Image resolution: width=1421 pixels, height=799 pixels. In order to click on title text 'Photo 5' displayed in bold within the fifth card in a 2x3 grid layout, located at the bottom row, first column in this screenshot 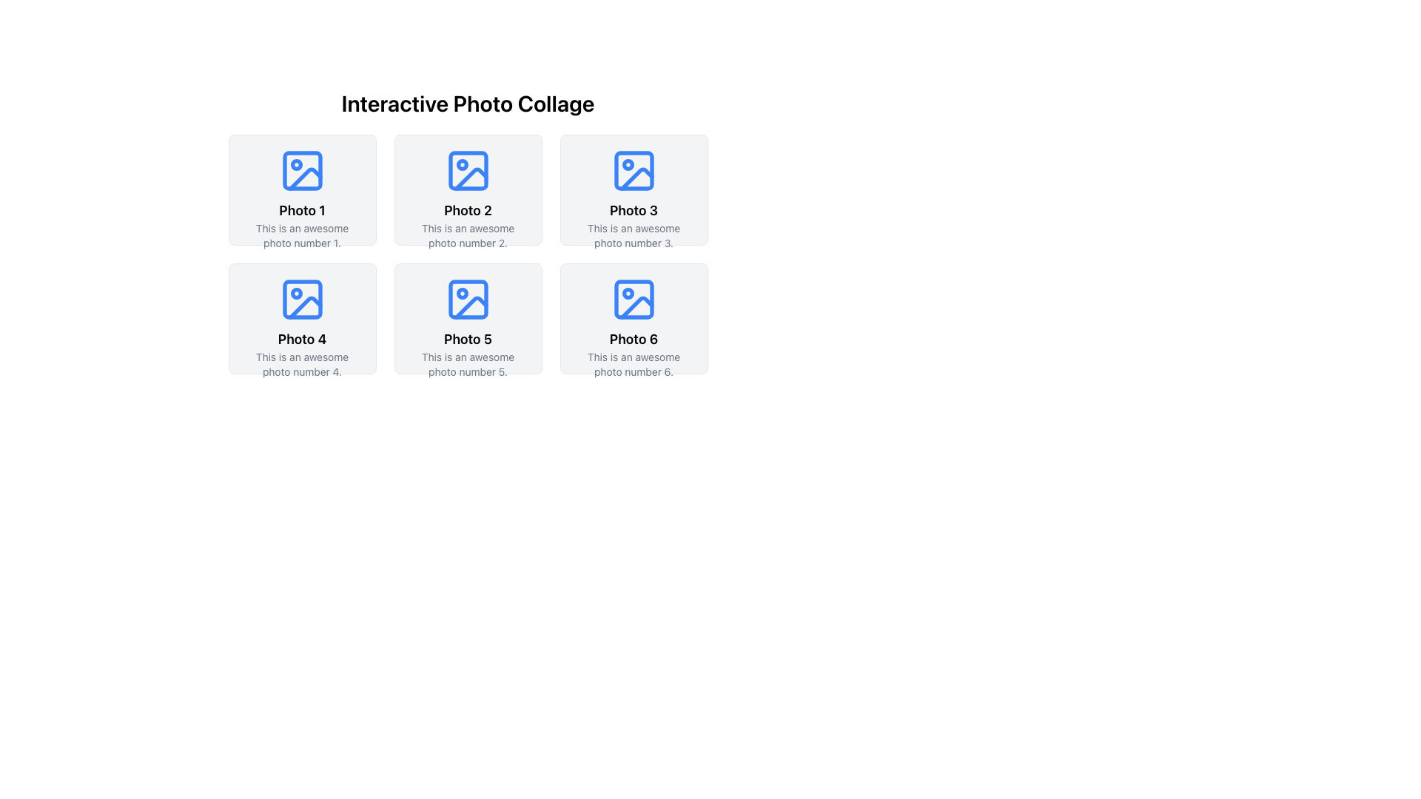, I will do `click(467, 340)`.